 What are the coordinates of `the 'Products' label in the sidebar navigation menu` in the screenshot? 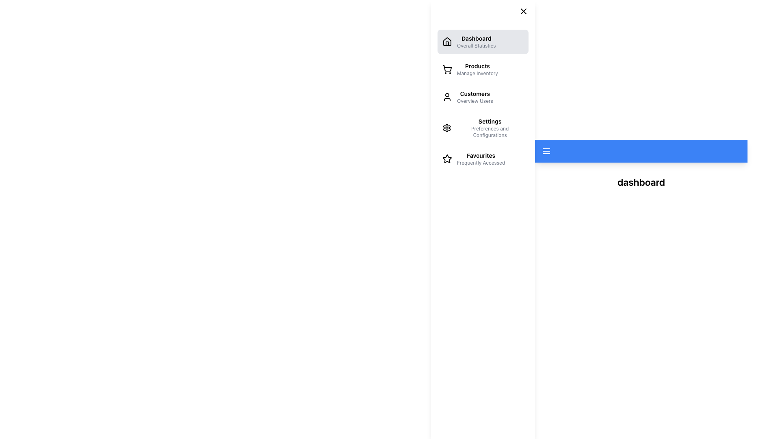 It's located at (477, 65).